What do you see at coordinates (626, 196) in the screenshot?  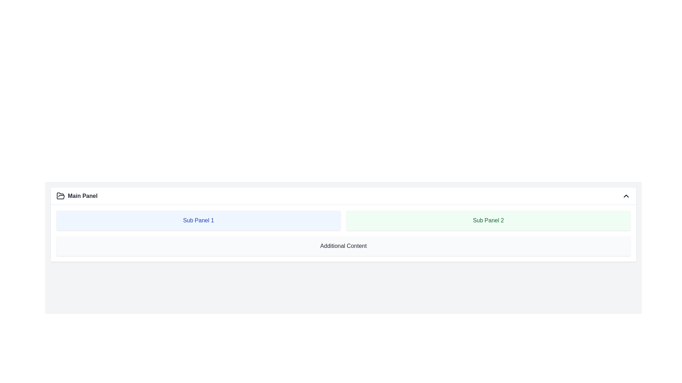 I see `the toggle icon located at the top-right corner of the 'Main Panel' header` at bounding box center [626, 196].